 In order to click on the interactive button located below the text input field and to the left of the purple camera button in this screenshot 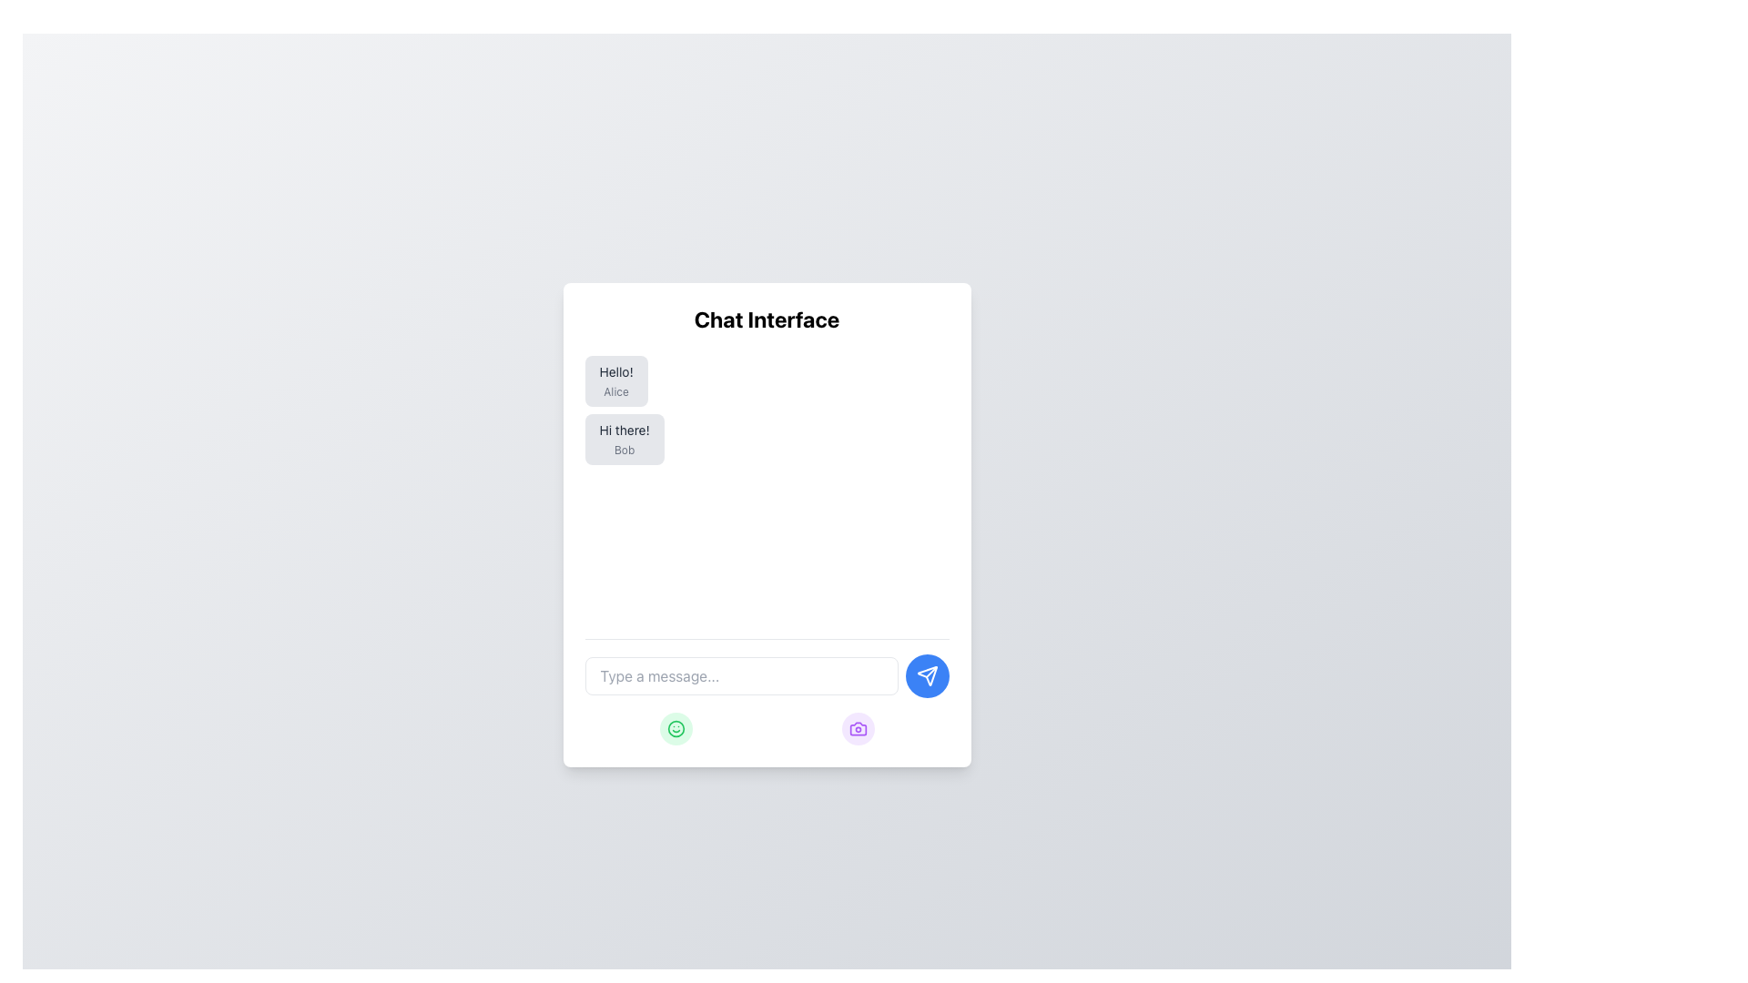, I will do `click(675, 728)`.